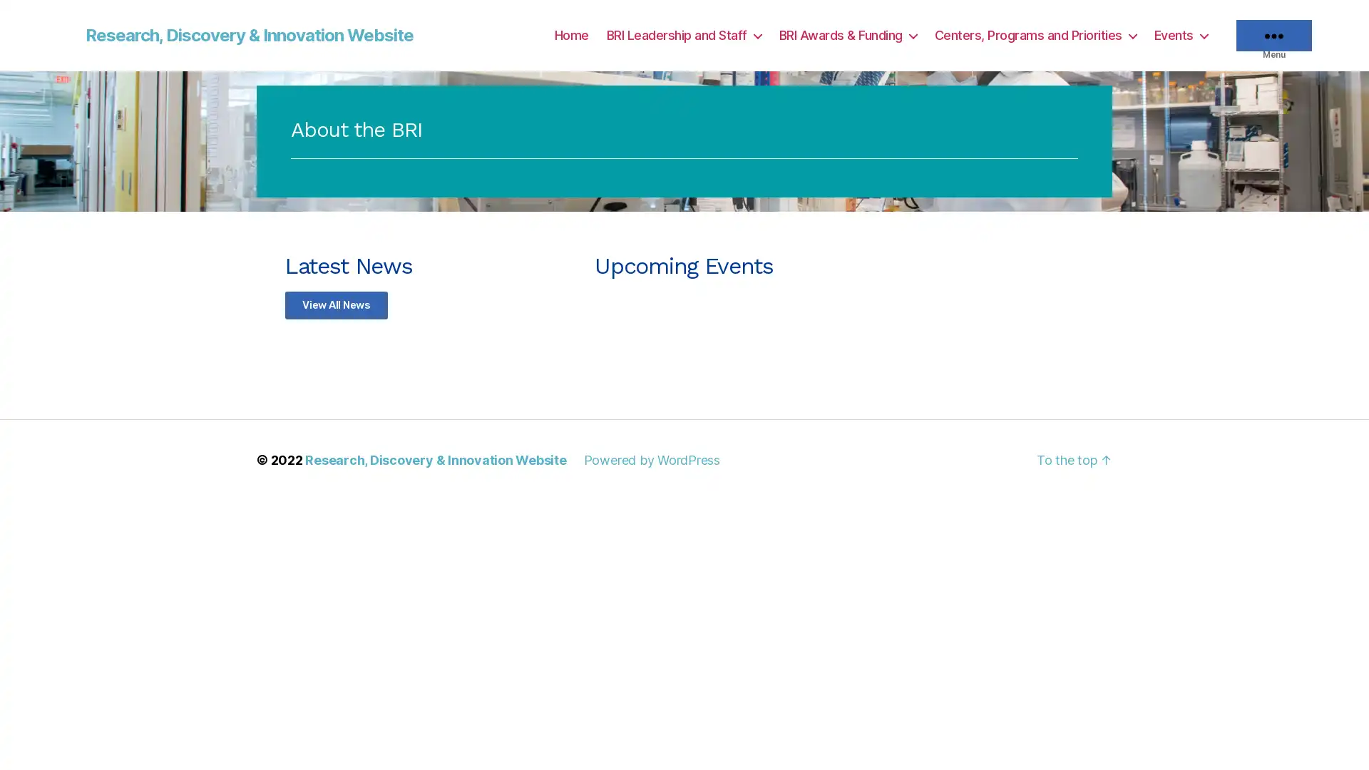  I want to click on View All News, so click(335, 304).